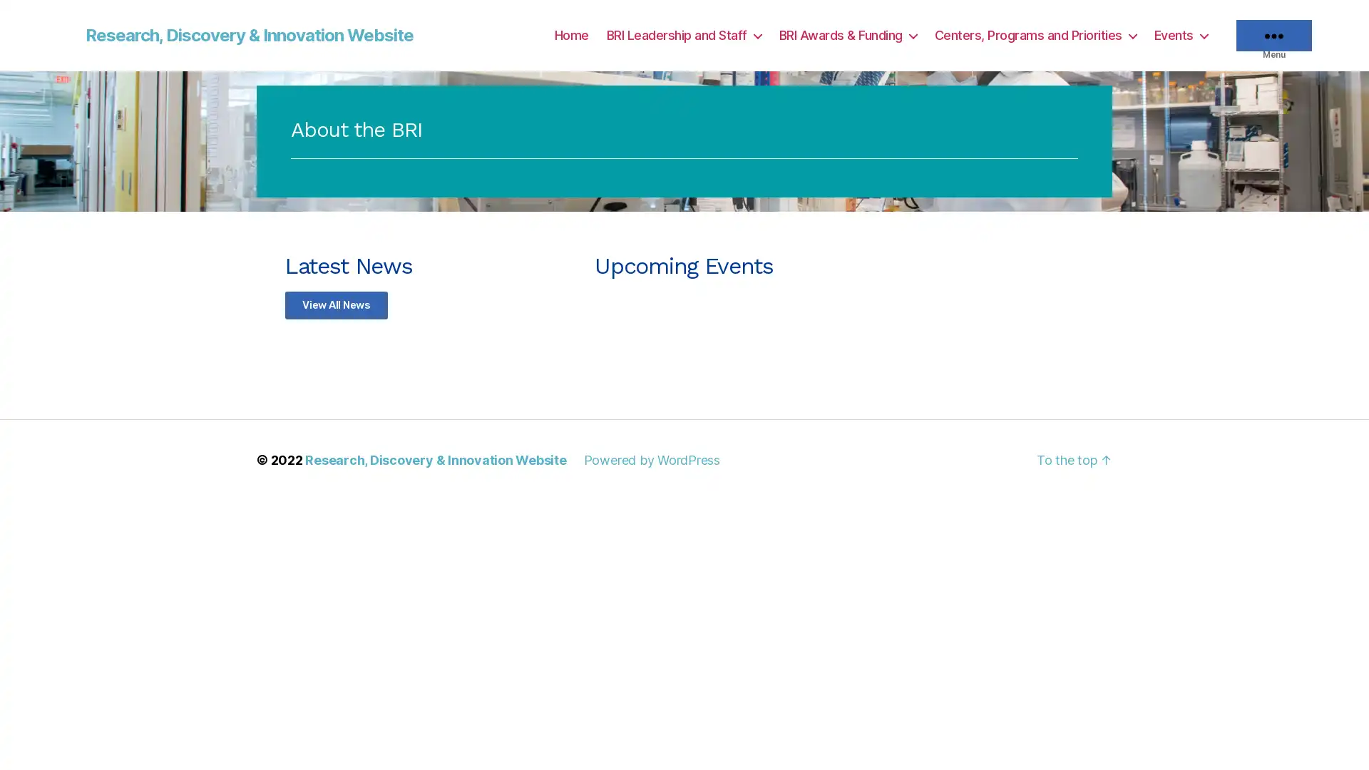  I want to click on View All News, so click(335, 304).